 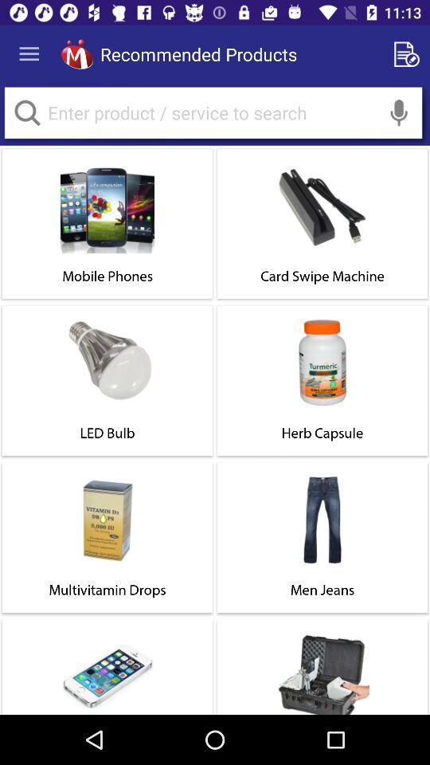 I want to click on search, so click(x=26, y=112).